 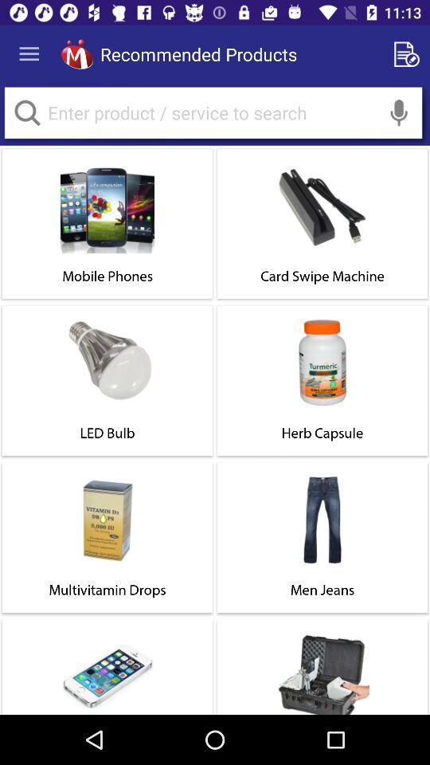 I want to click on search, so click(x=26, y=112).